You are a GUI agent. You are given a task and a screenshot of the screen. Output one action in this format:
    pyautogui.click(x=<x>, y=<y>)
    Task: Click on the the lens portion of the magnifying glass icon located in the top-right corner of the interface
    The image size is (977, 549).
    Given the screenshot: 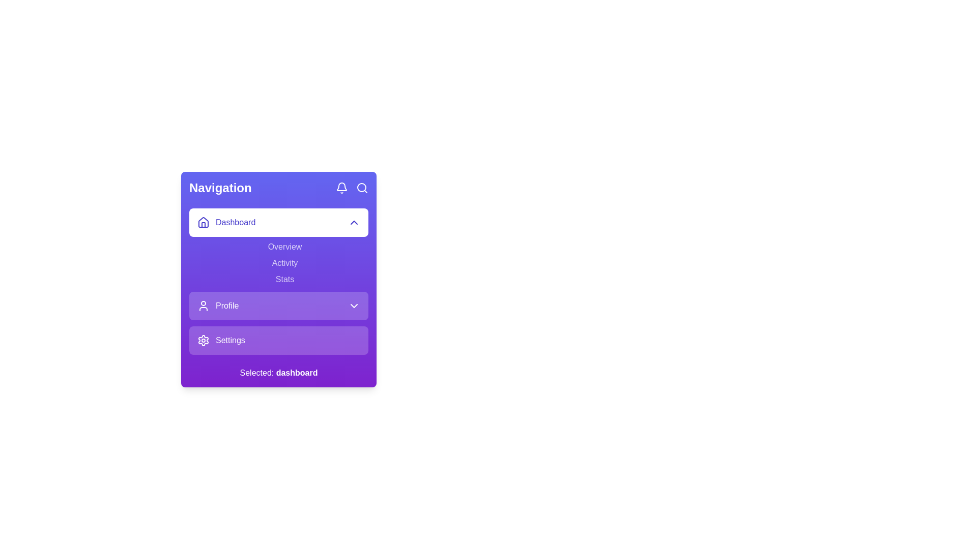 What is the action you would take?
    pyautogui.click(x=361, y=188)
    